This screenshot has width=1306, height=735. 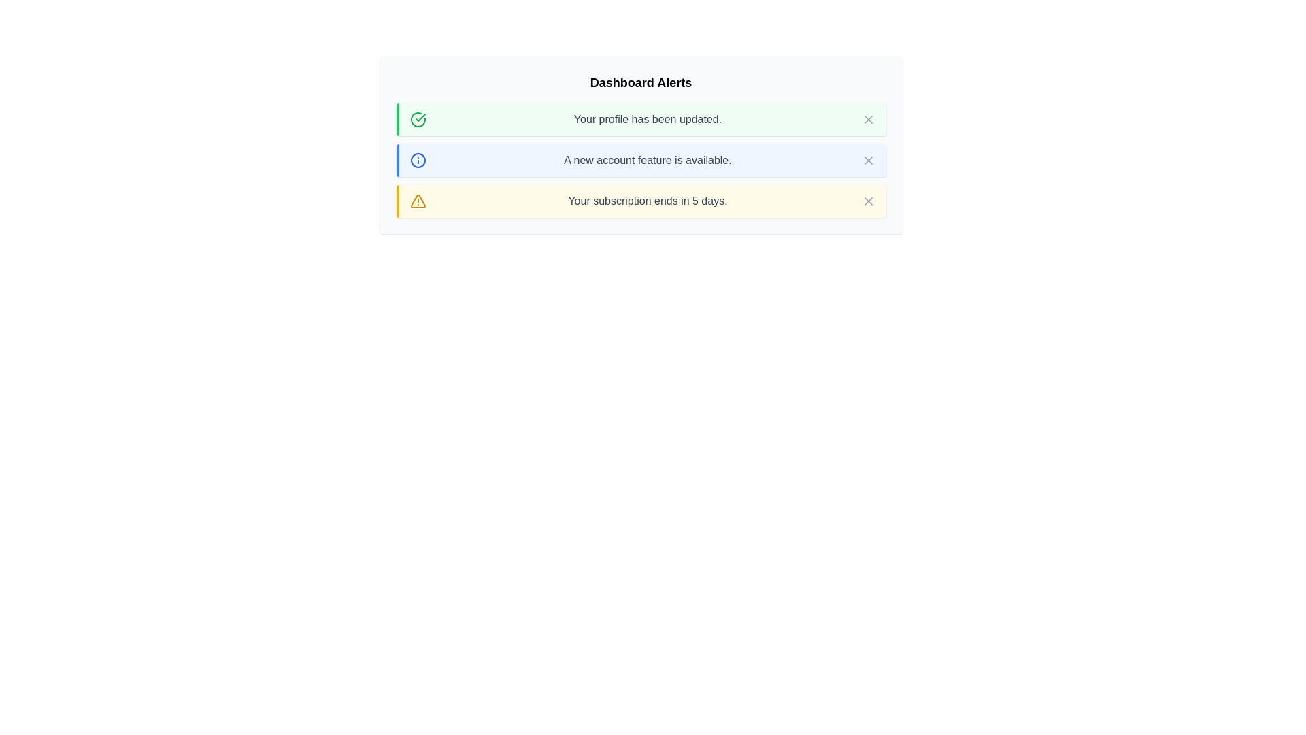 What do you see at coordinates (867, 201) in the screenshot?
I see `the icon button located at the right end of the third notification item in the vertical list of the yellow alert box labeled 'Your subscription ends in 5 days'` at bounding box center [867, 201].